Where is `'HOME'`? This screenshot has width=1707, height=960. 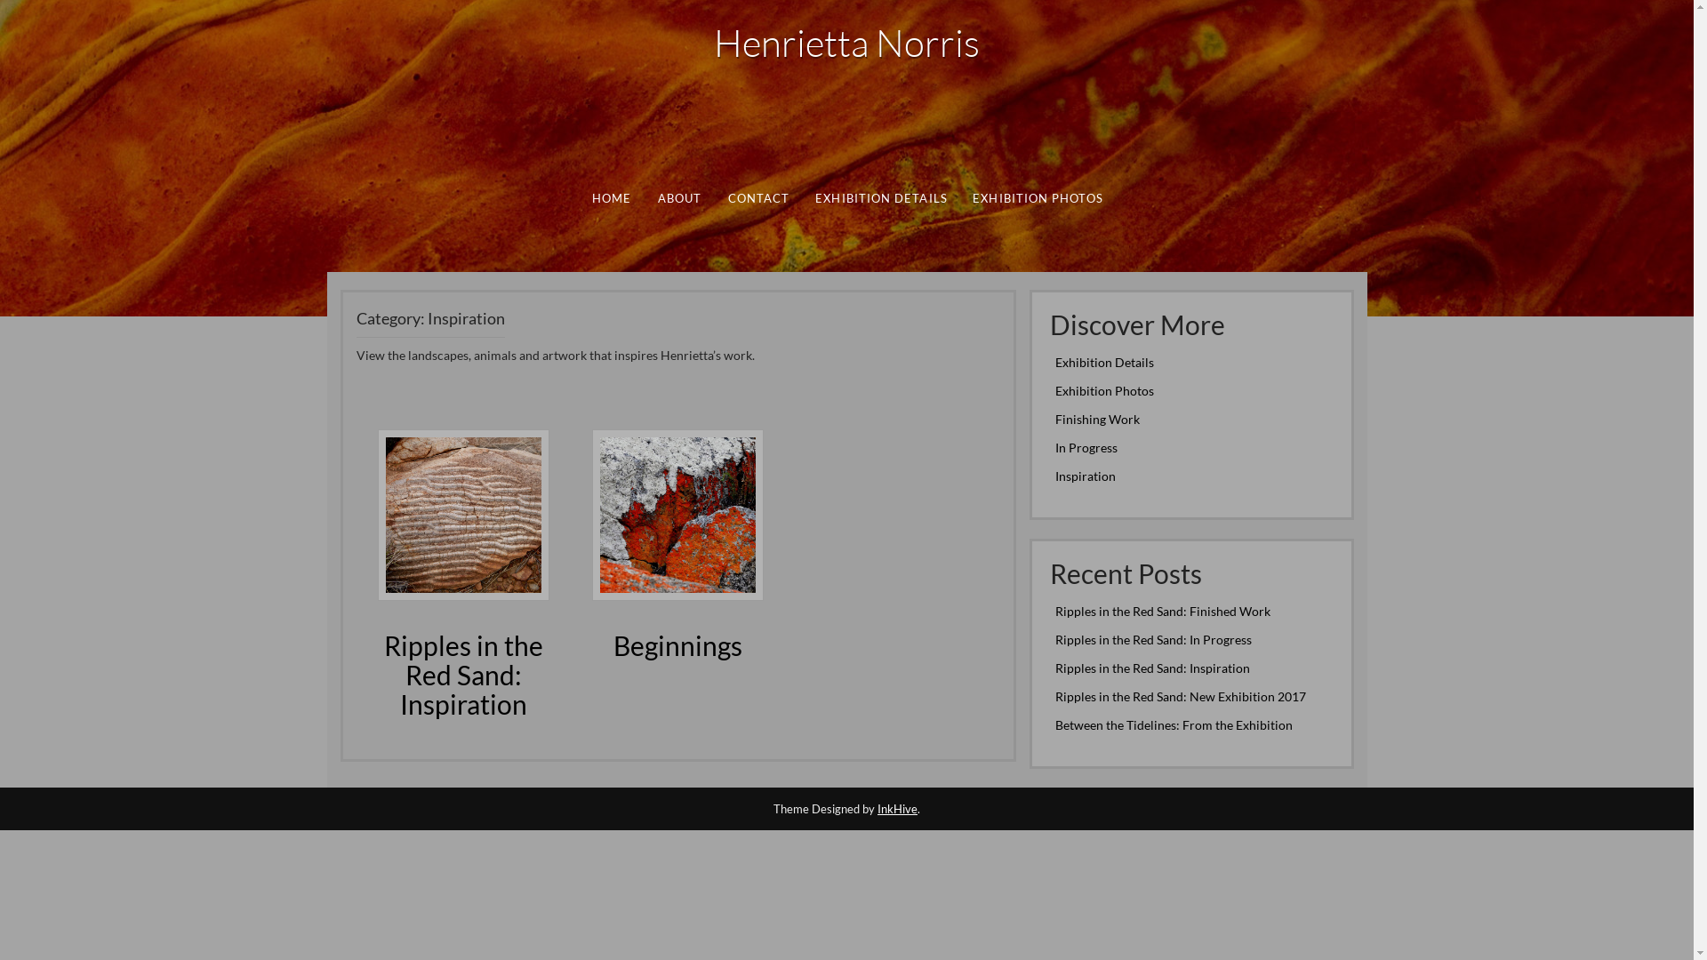 'HOME' is located at coordinates (610, 198).